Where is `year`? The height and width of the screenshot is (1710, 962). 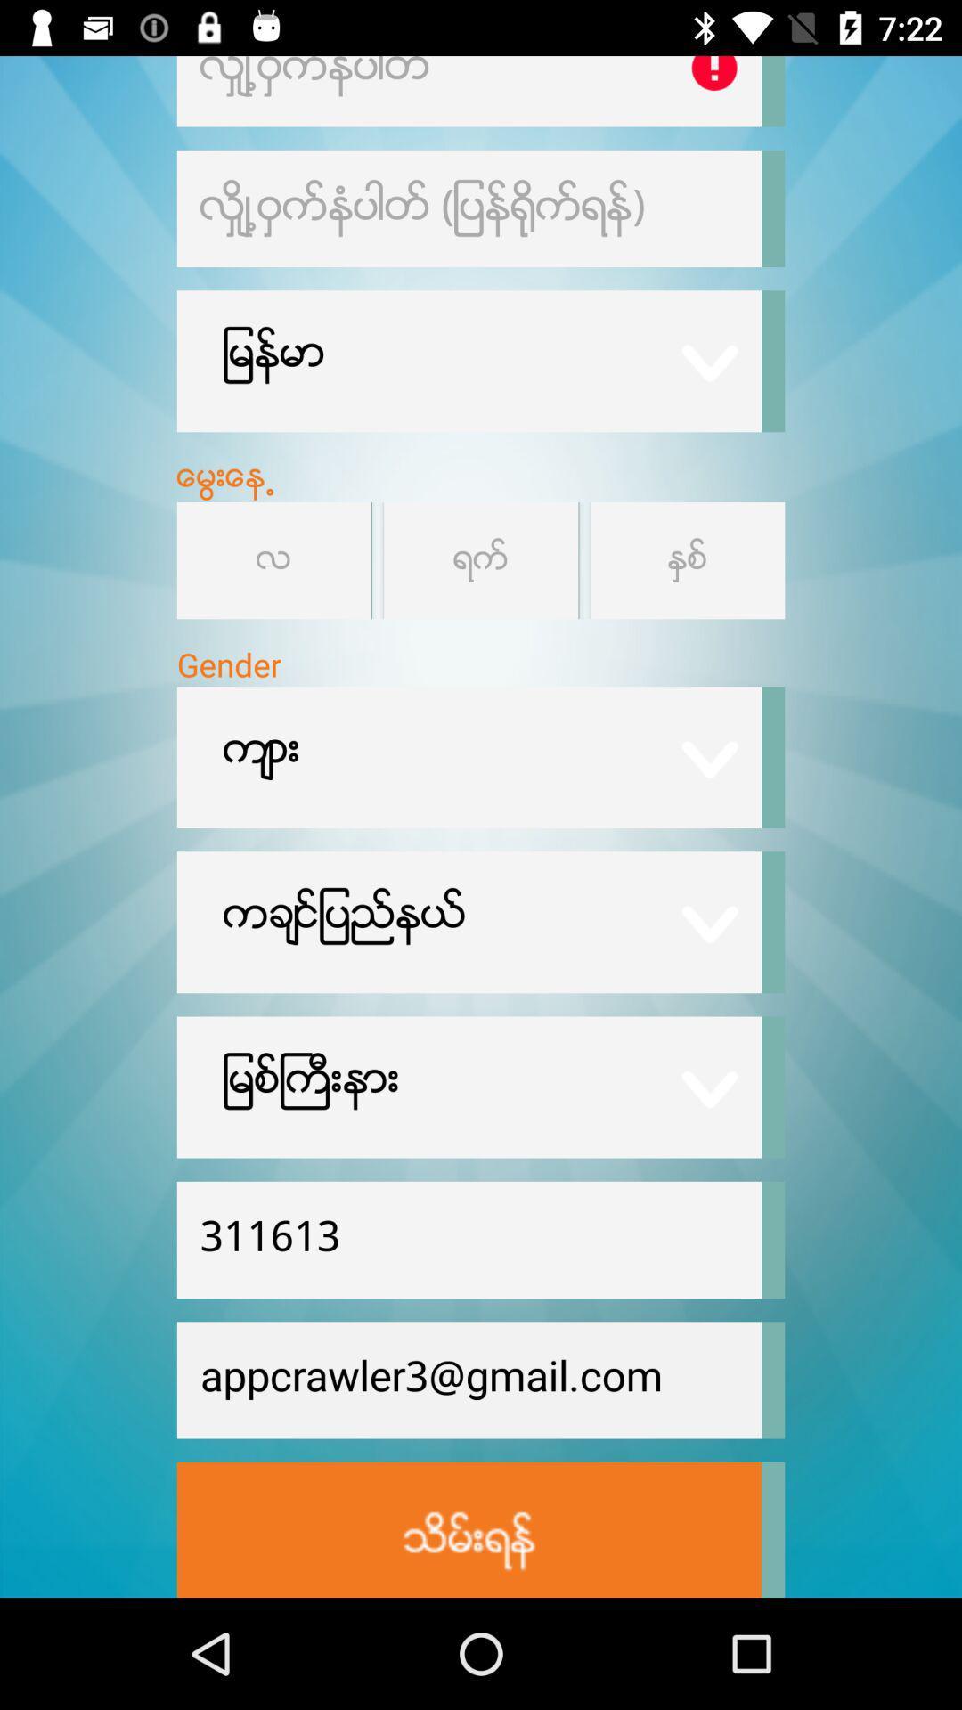
year is located at coordinates (687, 559).